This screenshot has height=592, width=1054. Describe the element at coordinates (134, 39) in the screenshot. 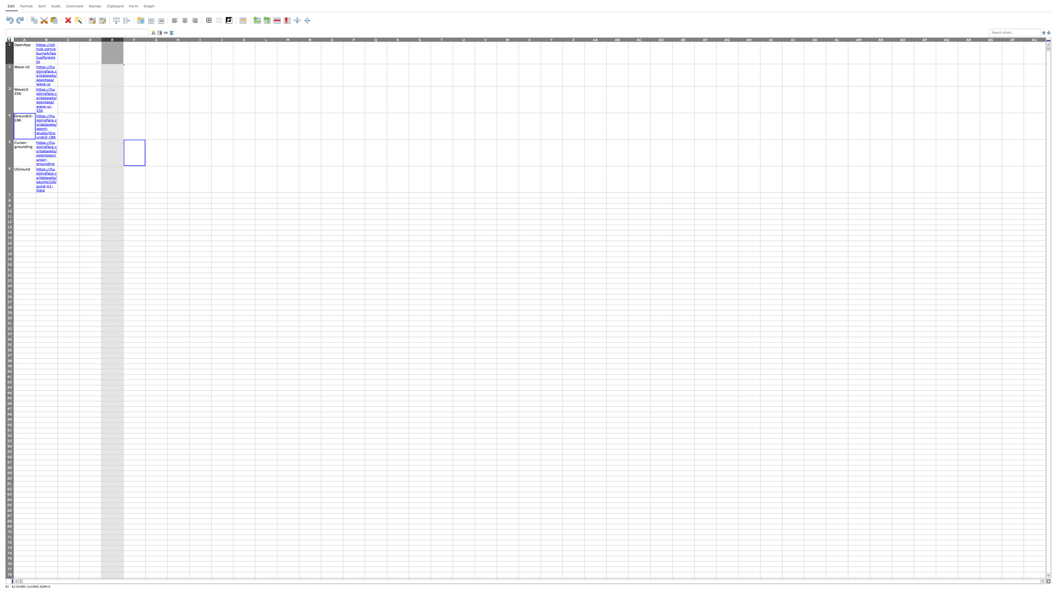

I see `Activate column F` at that location.